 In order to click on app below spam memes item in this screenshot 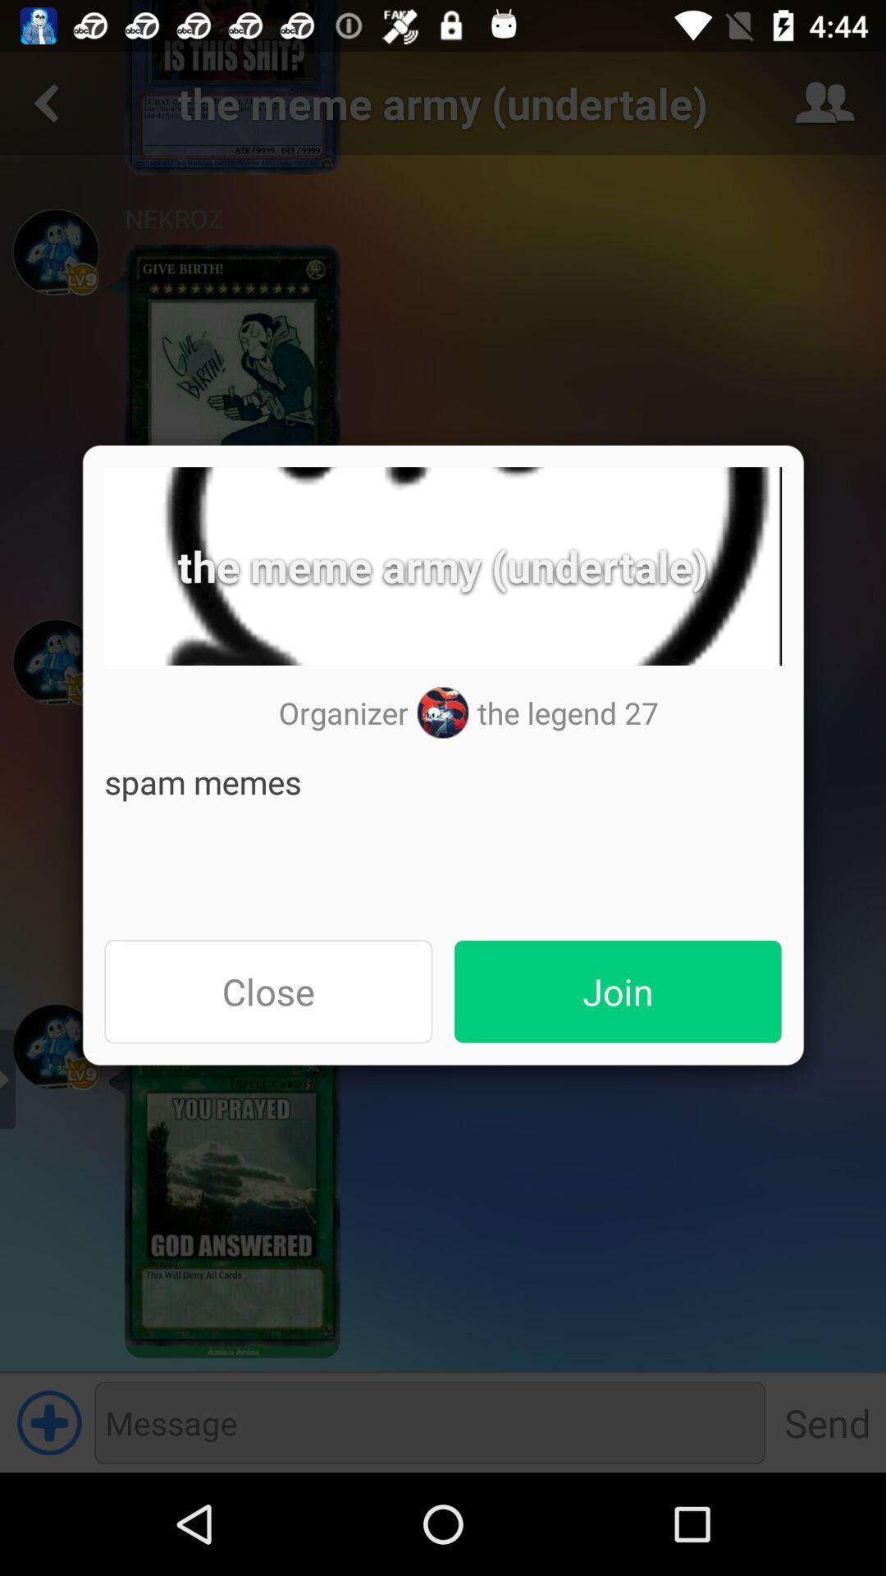, I will do `click(267, 991)`.